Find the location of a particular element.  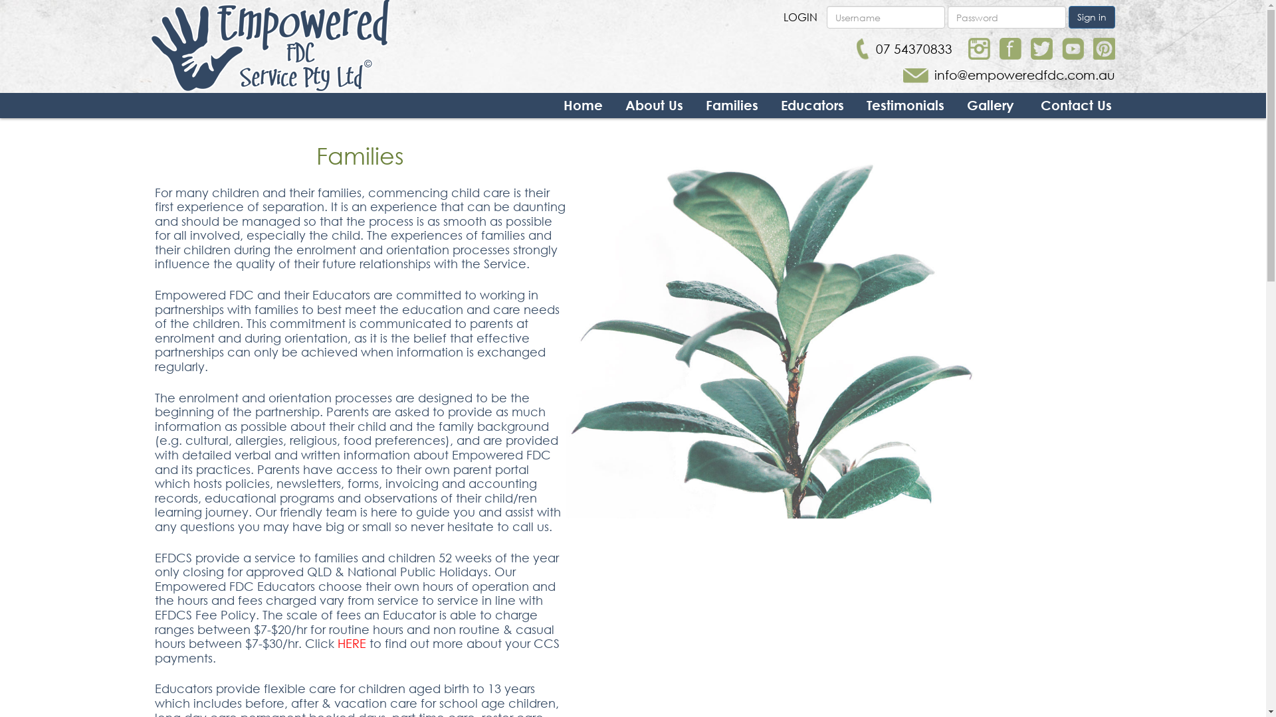

'Gallery' is located at coordinates (990, 104).